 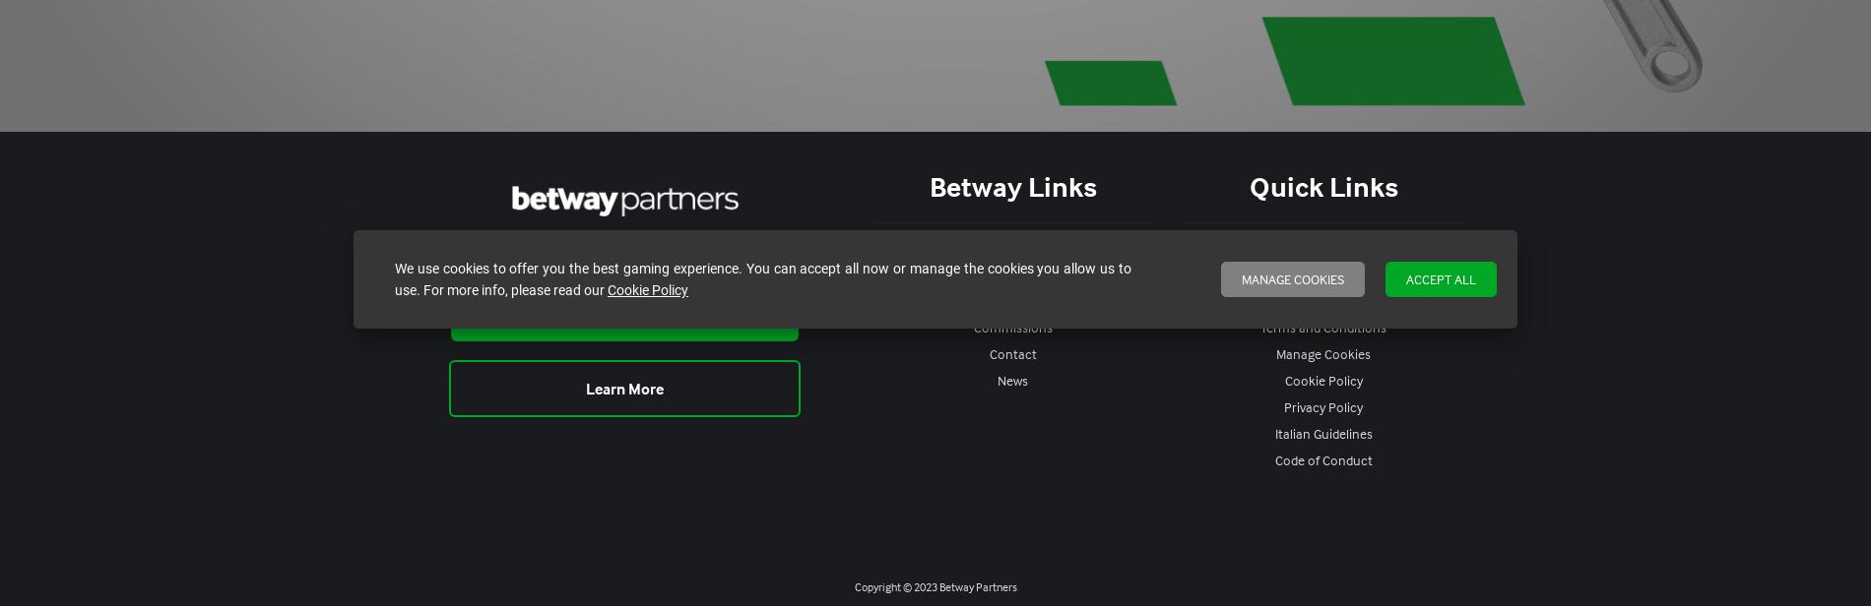 I want to click on 'We use cookies to offer you the best gaming experience. You can accept all now or manage the cookies you allow us to use. For more info, please read our', so click(x=762, y=278).